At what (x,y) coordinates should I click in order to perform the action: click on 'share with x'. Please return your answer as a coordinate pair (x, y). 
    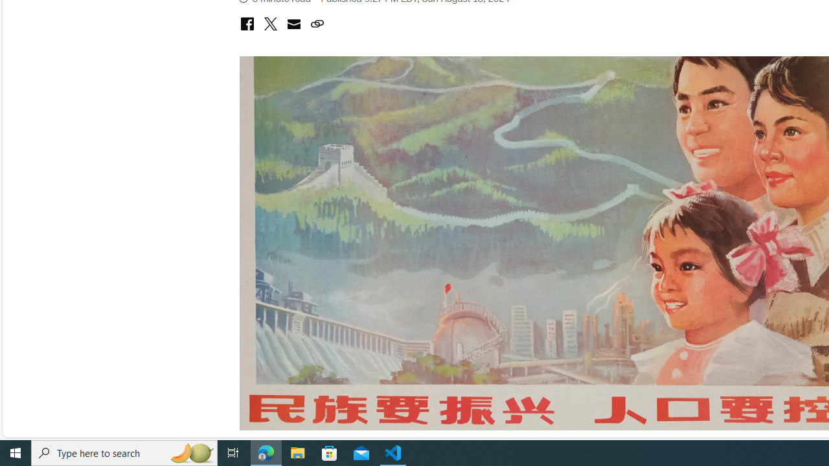
    Looking at the image, I should click on (269, 25).